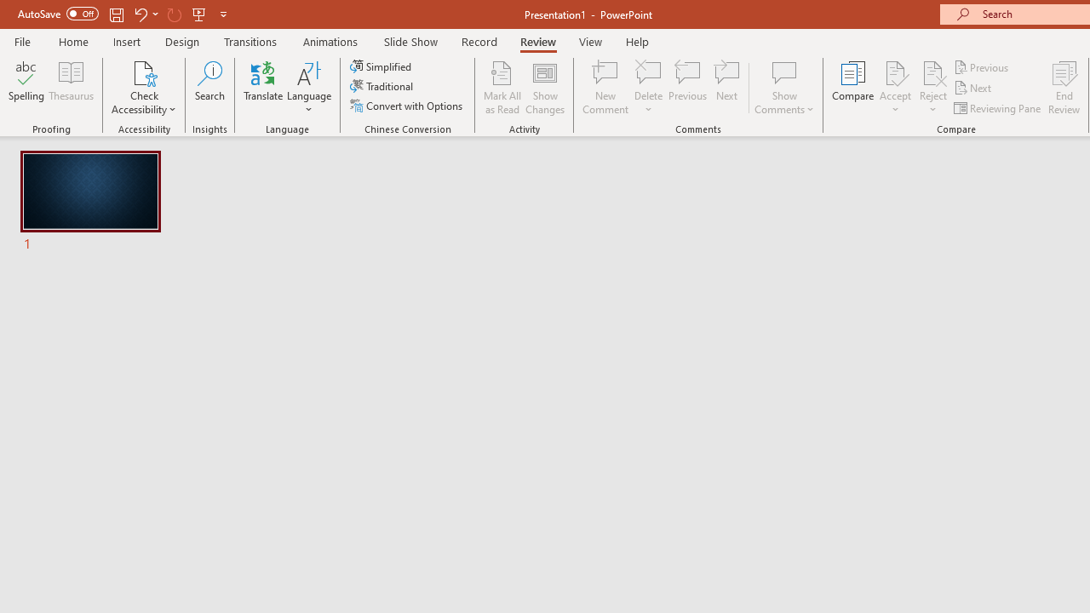 The width and height of the screenshot is (1090, 613). I want to click on 'Compare', so click(853, 88).